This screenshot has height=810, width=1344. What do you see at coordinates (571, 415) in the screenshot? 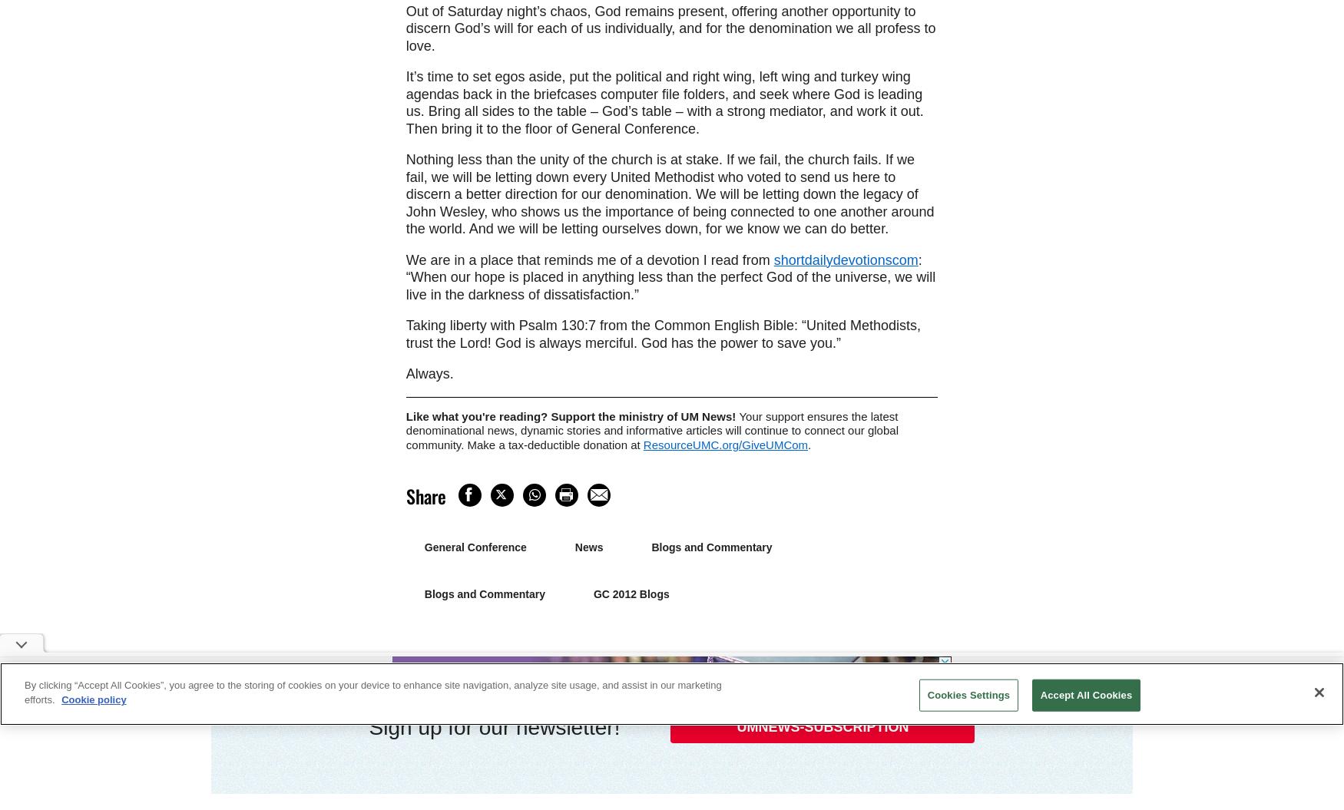
I see `'Like what you're reading? Support the ministry of UM News!'` at bounding box center [571, 415].